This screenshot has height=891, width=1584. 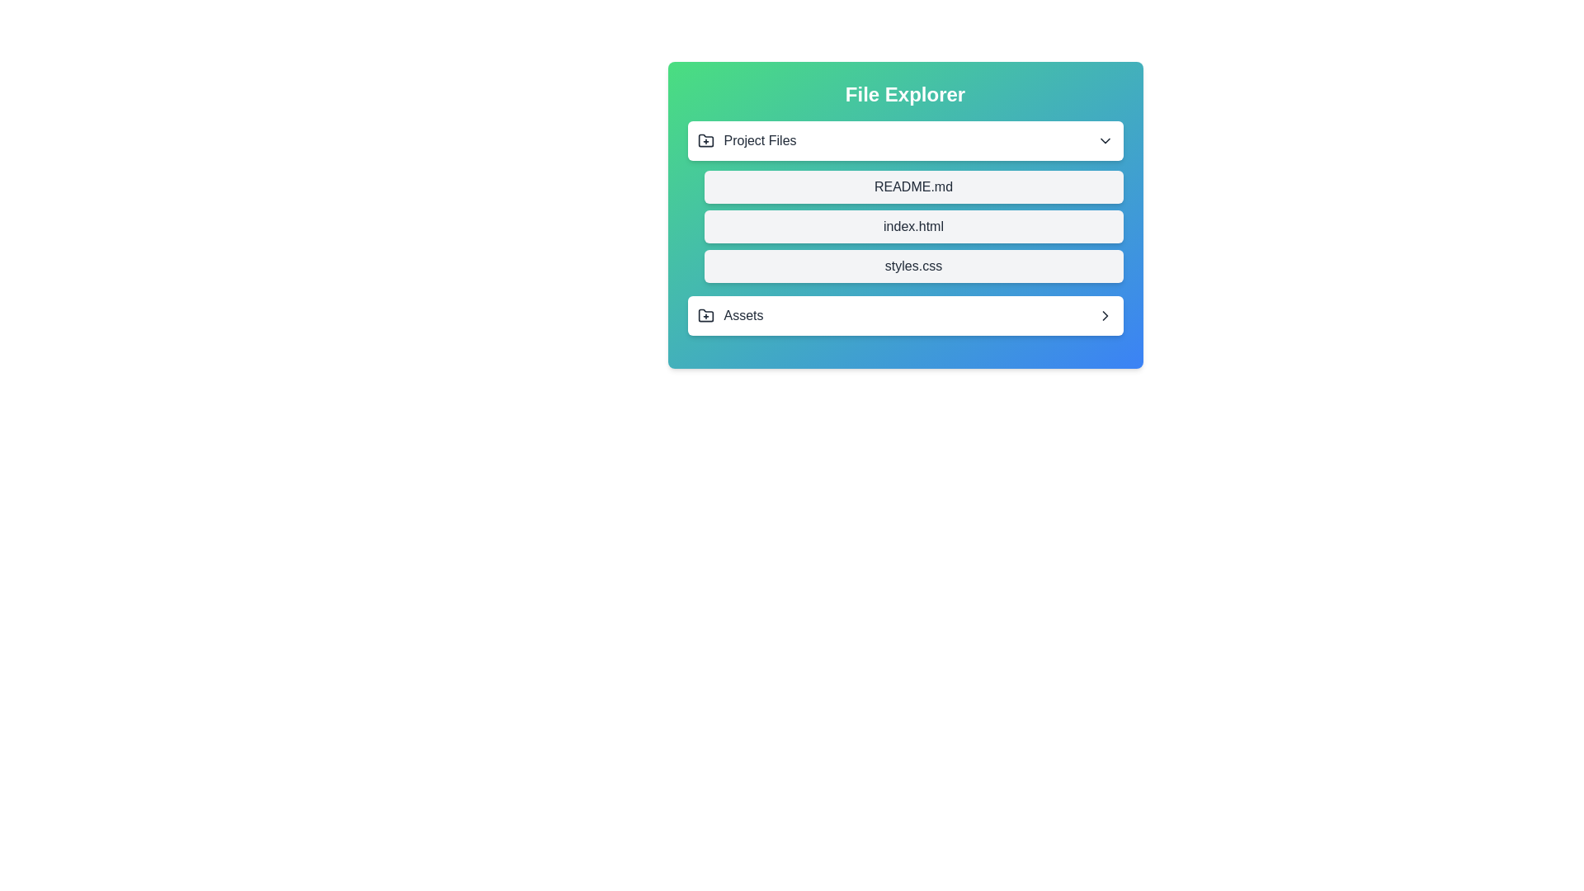 What do you see at coordinates (912, 226) in the screenshot?
I see `the File entry button for 'index.html'` at bounding box center [912, 226].